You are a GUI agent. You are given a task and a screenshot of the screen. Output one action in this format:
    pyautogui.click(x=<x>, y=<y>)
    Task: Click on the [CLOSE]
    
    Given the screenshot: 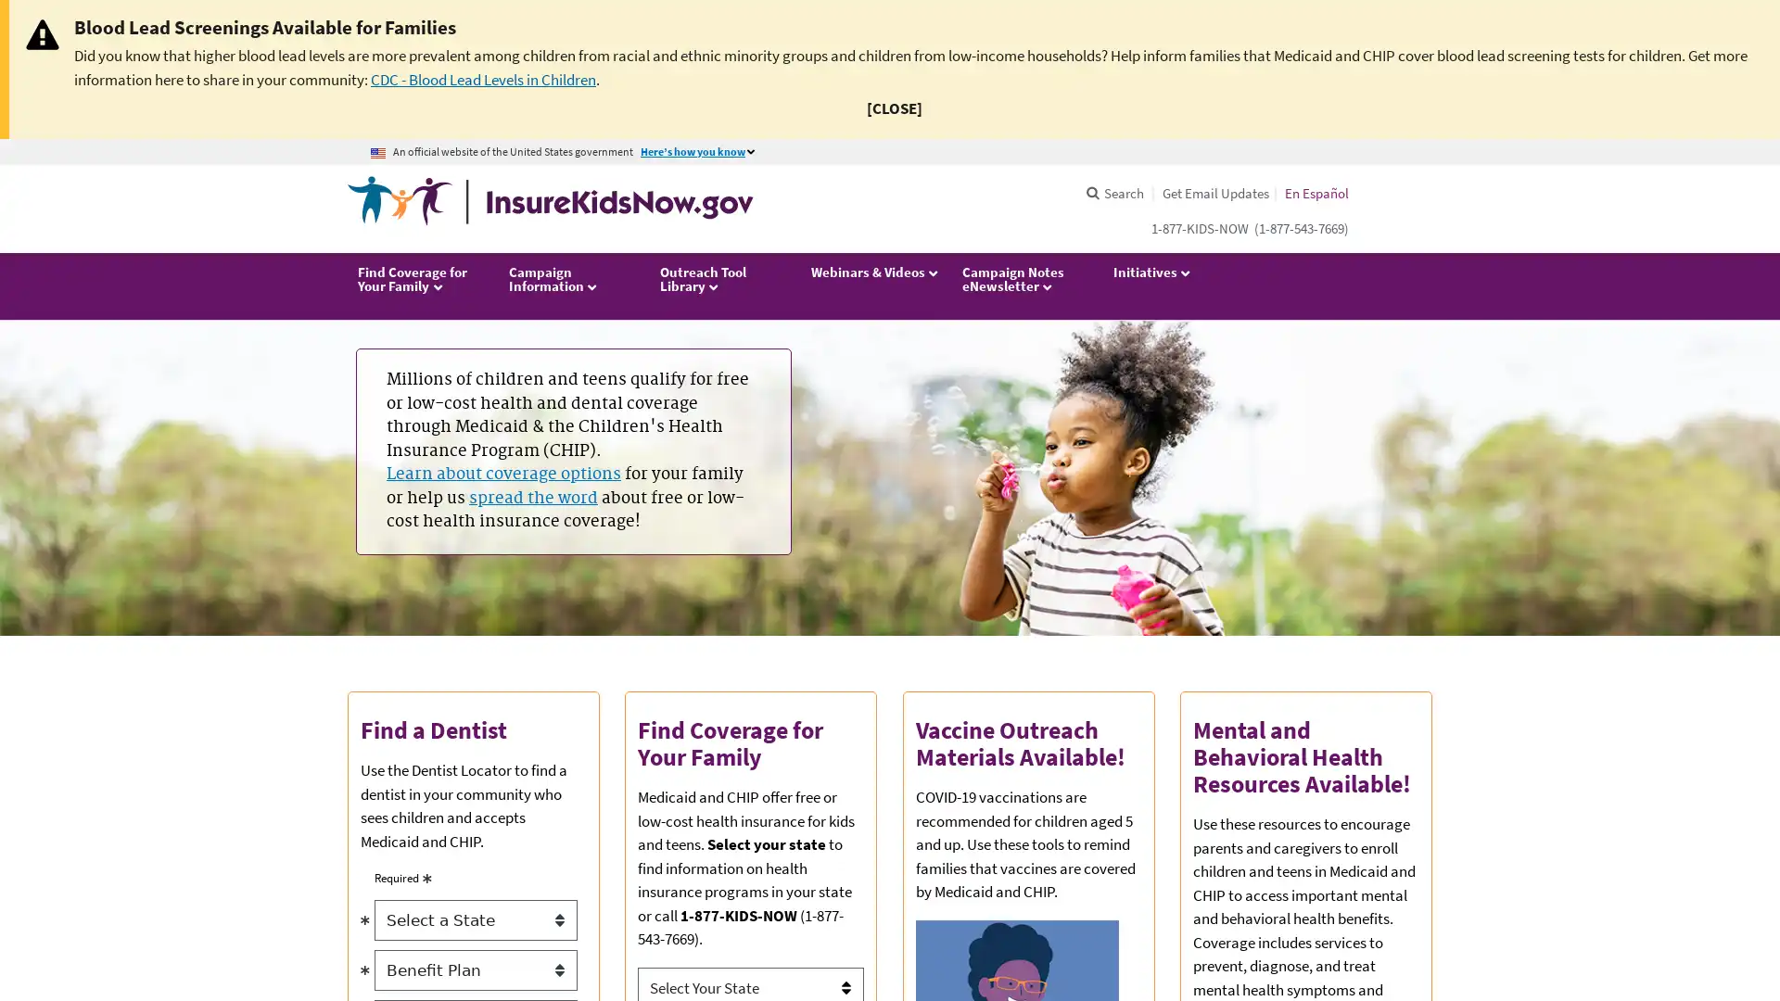 What is the action you would take?
    pyautogui.click(x=894, y=108)
    